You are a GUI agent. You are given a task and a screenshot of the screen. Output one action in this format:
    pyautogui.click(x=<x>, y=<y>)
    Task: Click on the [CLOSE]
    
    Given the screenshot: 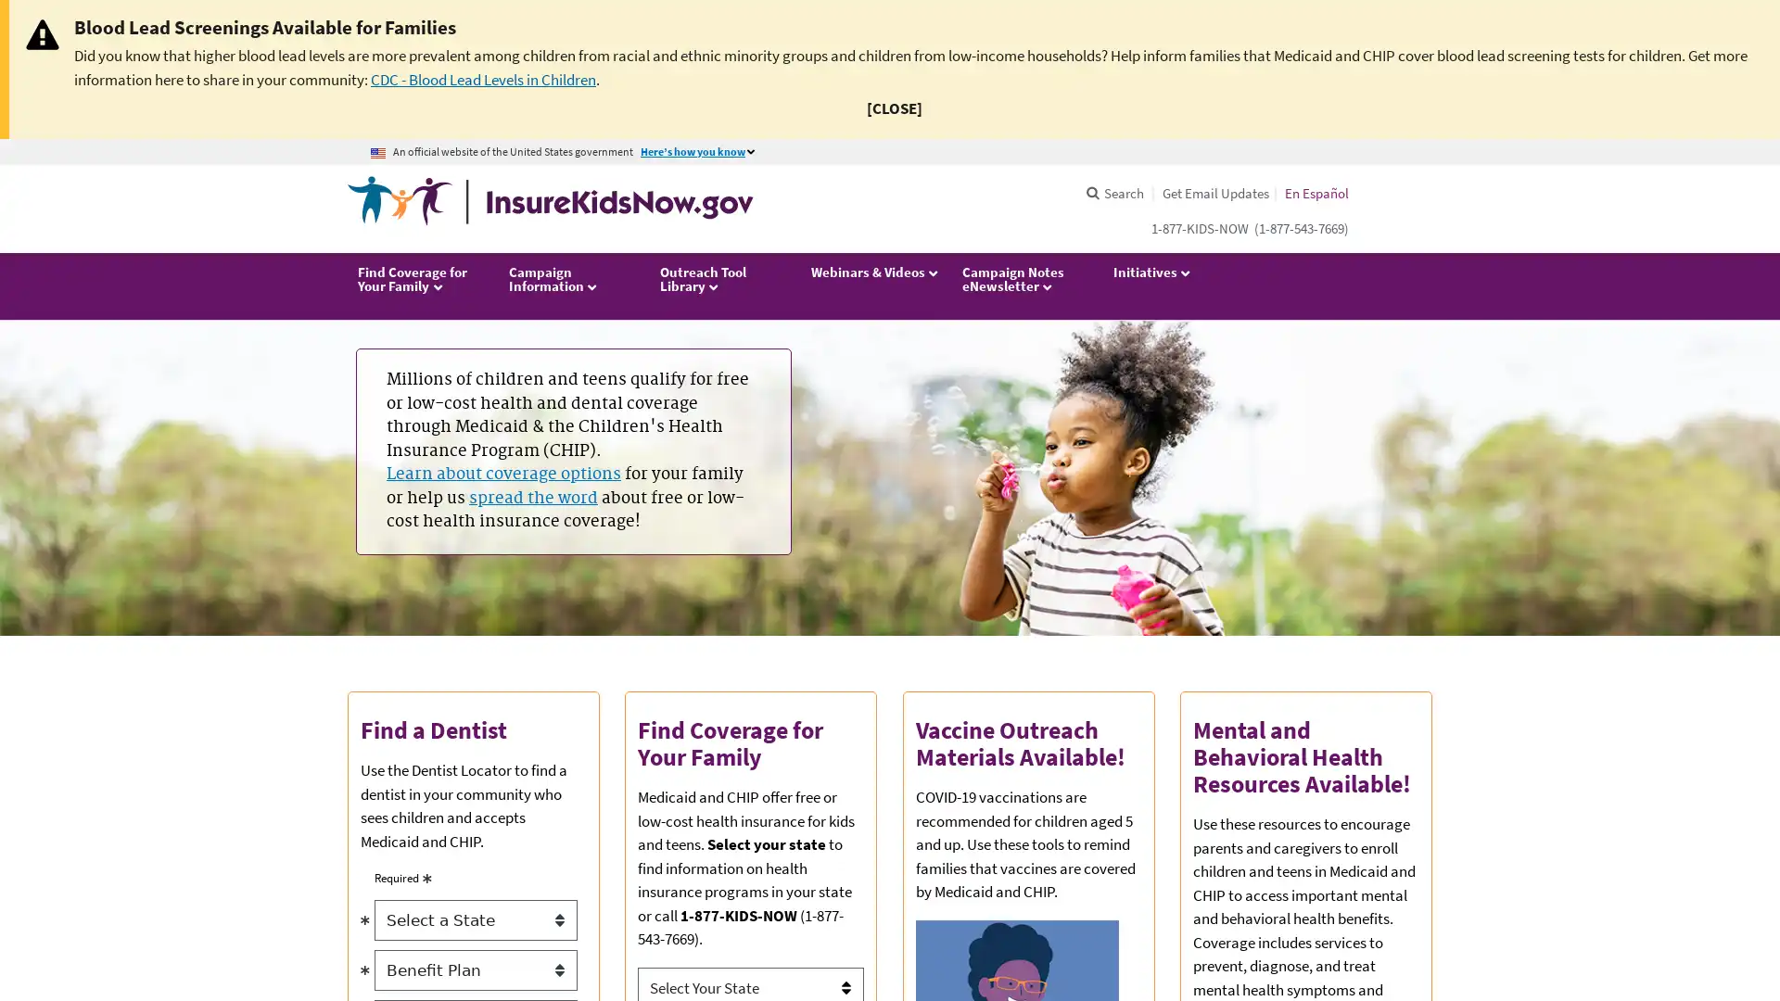 What is the action you would take?
    pyautogui.click(x=894, y=108)
    